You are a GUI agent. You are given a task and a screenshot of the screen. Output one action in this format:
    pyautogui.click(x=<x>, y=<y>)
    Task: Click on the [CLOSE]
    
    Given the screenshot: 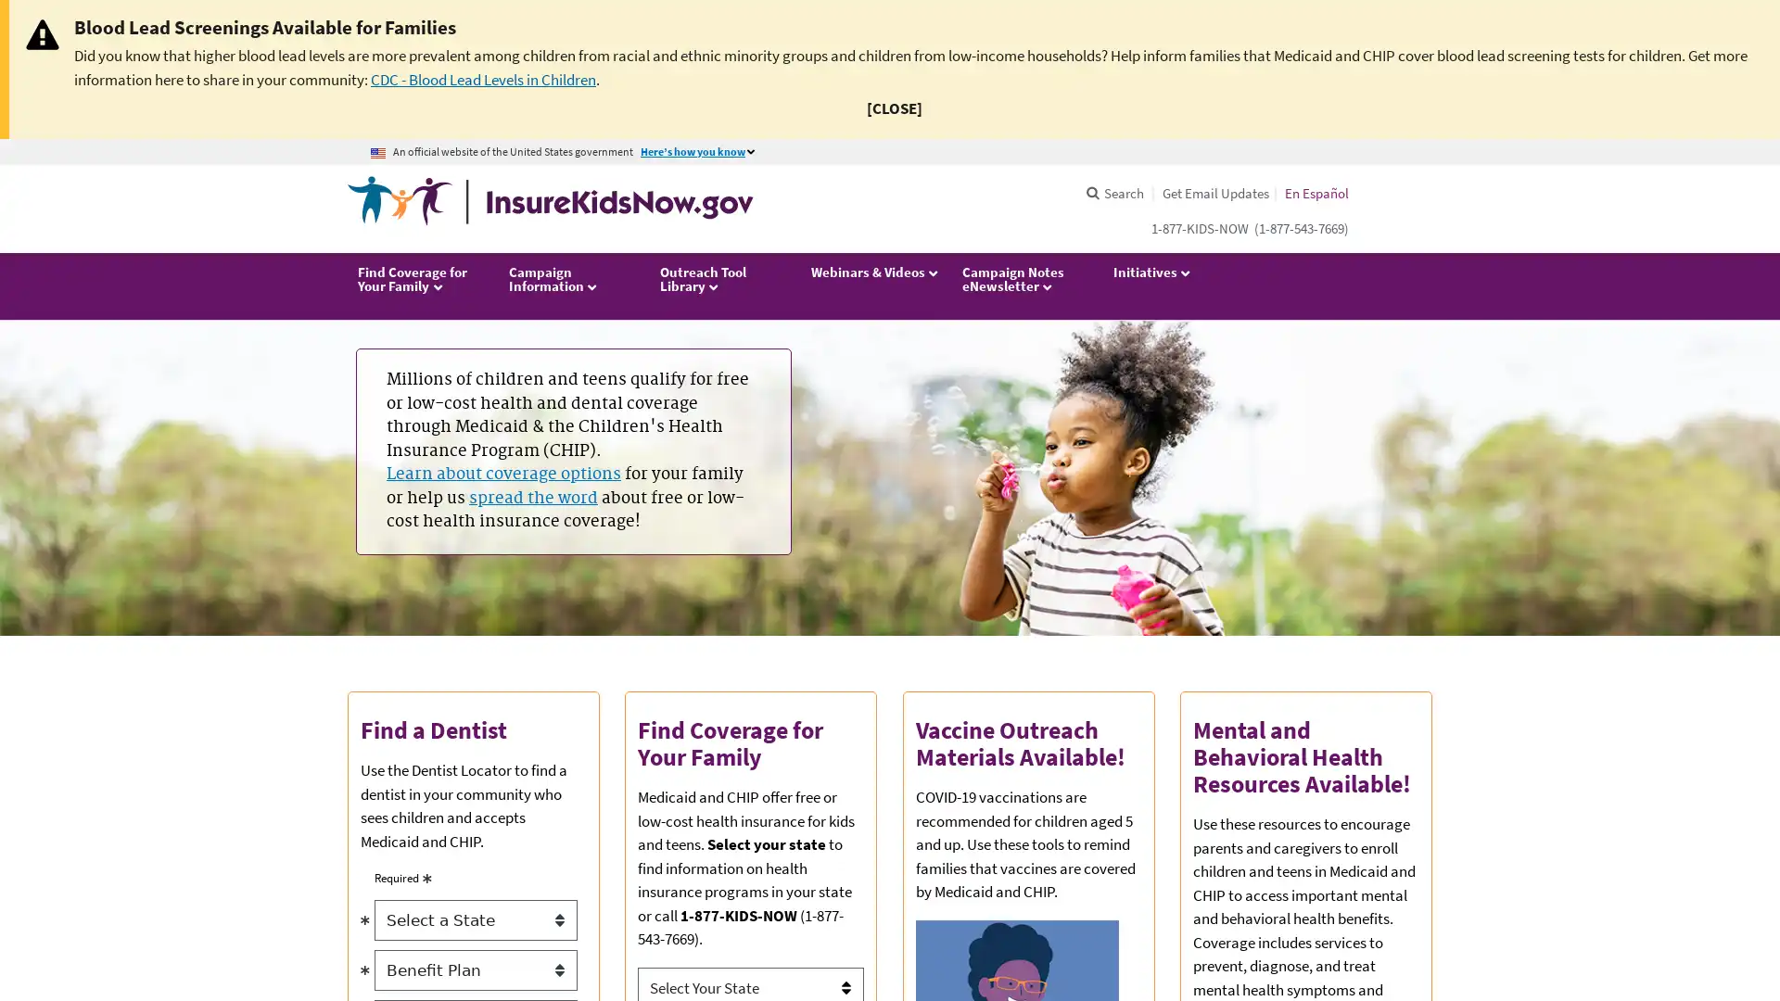 What is the action you would take?
    pyautogui.click(x=894, y=108)
    